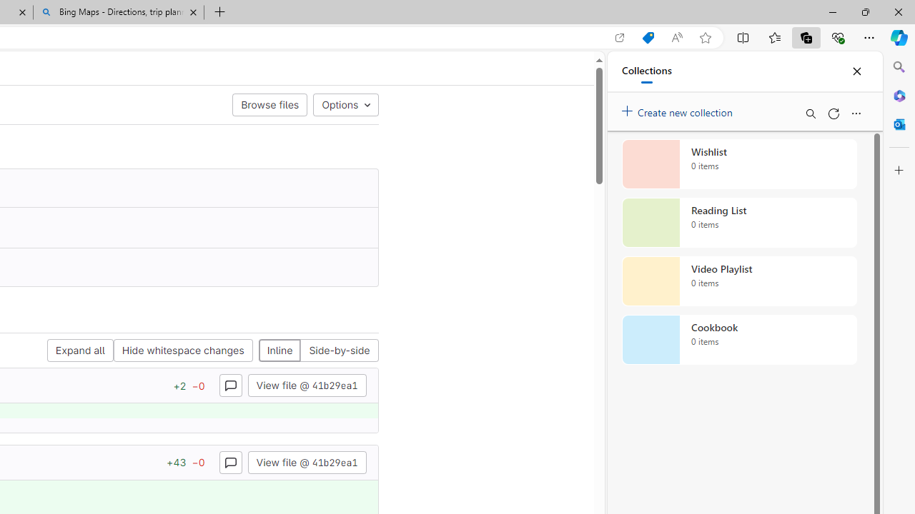 The height and width of the screenshot is (514, 915). Describe the element at coordinates (230, 462) in the screenshot. I see `'Toggle comments for this file'` at that location.